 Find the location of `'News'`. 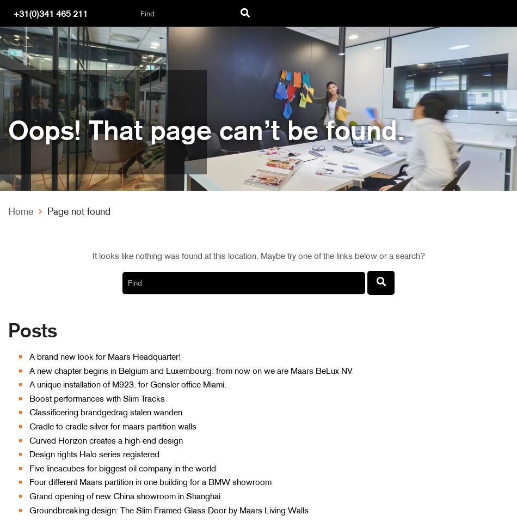

'News' is located at coordinates (40, 207).